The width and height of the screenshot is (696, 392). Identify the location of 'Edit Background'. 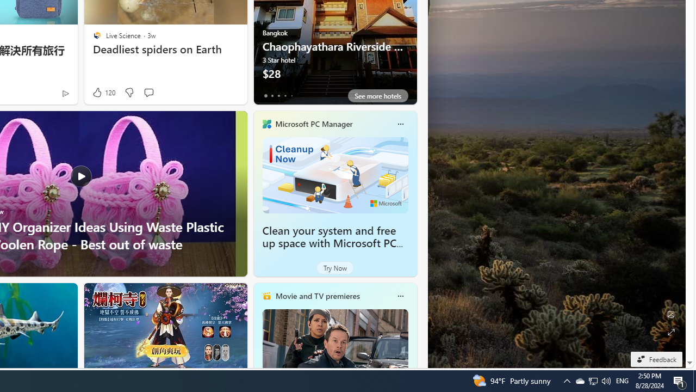
(670, 314).